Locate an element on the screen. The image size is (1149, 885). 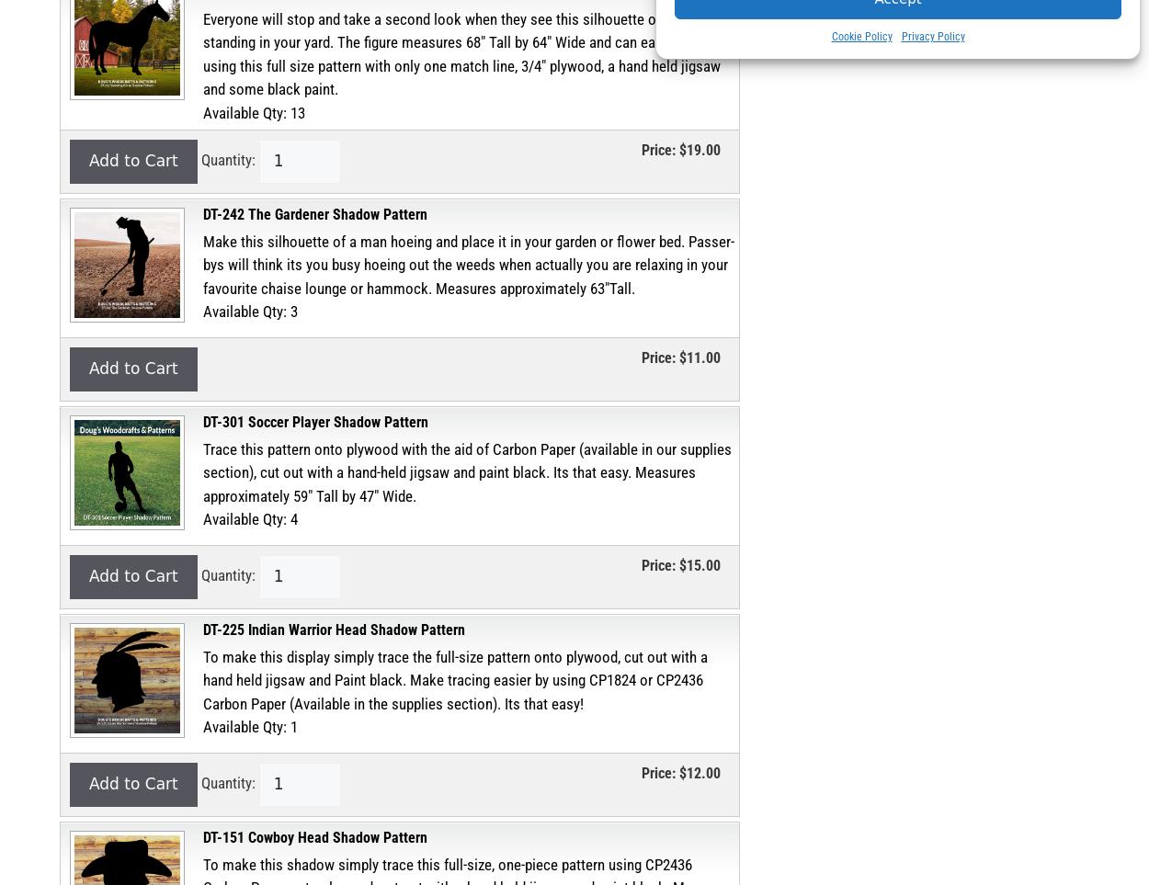
'Make this silhouette of a man hoeing and place it in your garden or flower bed.  Passer- bys will think its you busy hoeing out the weeds when actually you are relaxing in your favourite chaise lounge or hammock.  Measures  approximately 63"Tall.' is located at coordinates (202, 263).